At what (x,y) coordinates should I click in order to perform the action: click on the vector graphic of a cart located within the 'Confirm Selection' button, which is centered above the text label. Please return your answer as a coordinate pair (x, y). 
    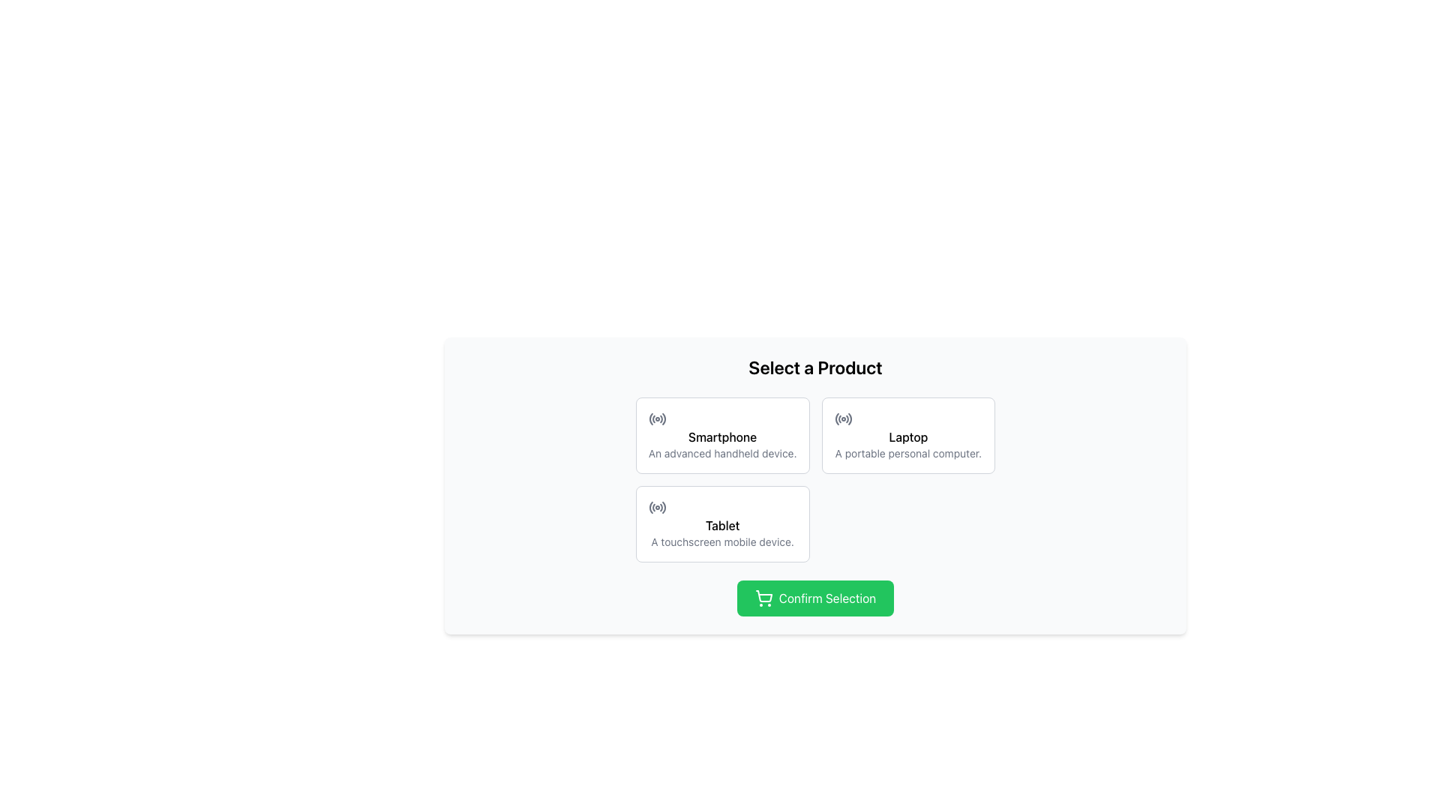
    Looking at the image, I should click on (763, 595).